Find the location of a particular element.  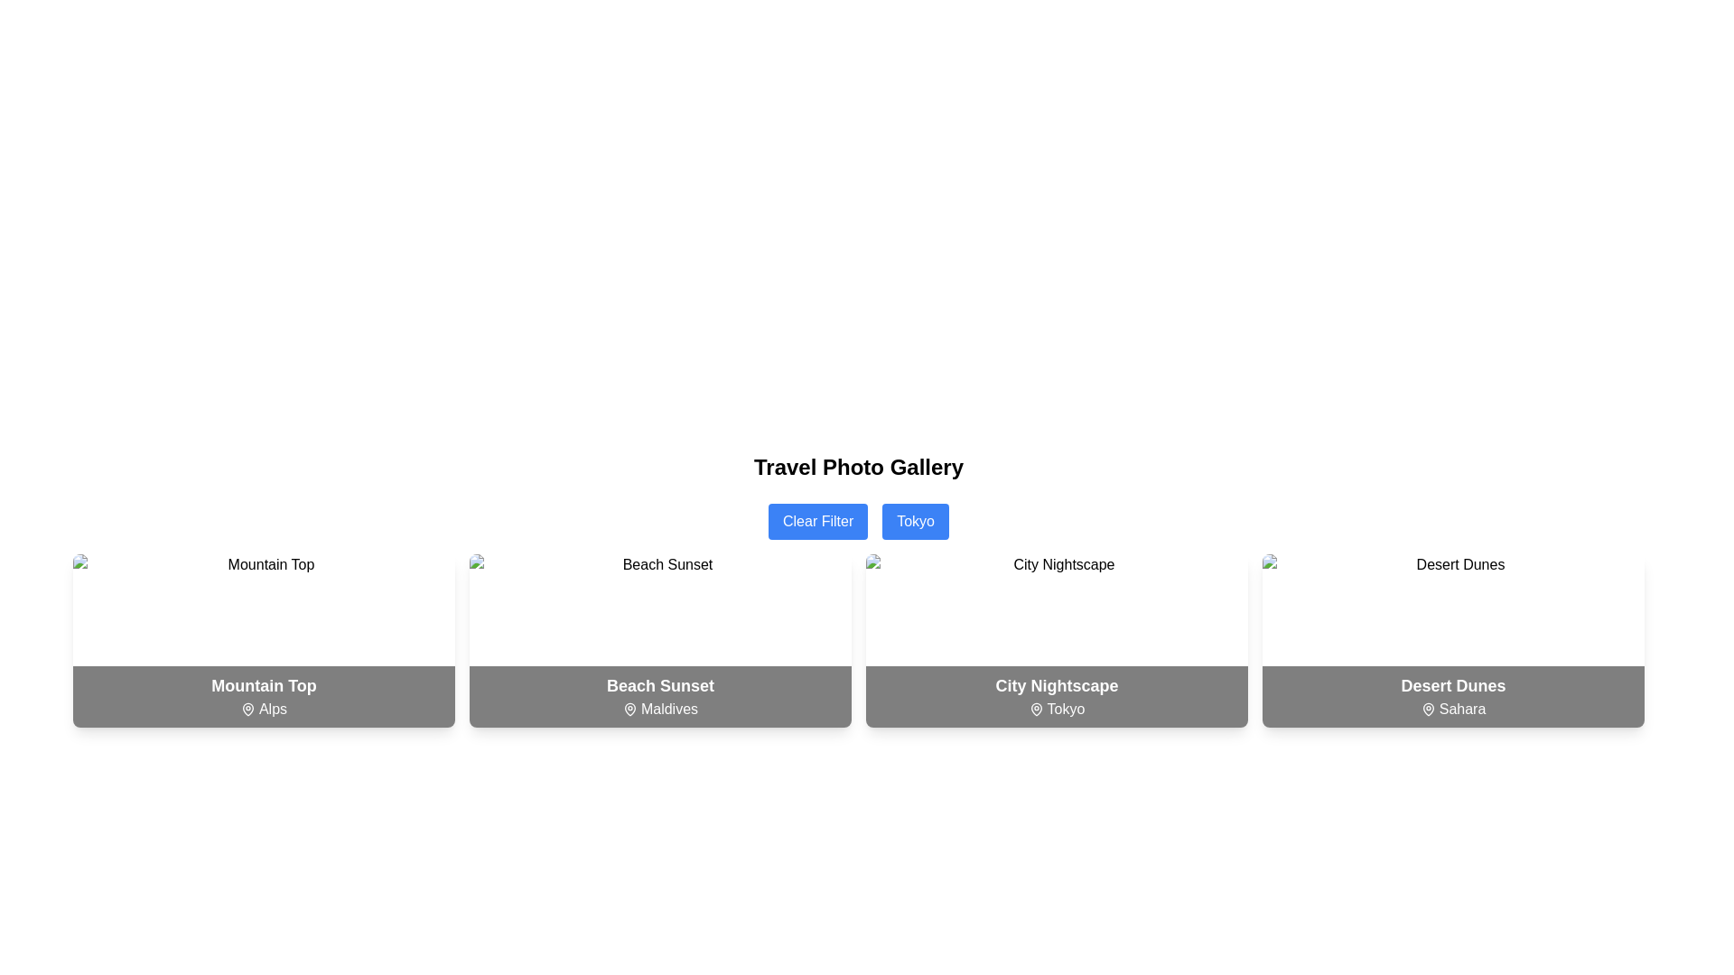

the 'City Nightscape' card located in the second column of the grid layout for selection or interaction is located at coordinates (1057, 639).